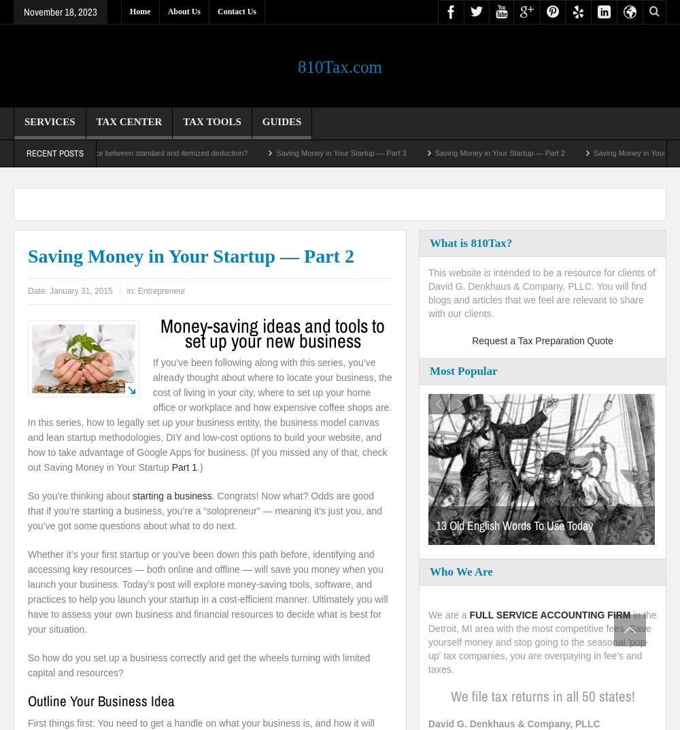 This screenshot has height=730, width=680. What do you see at coordinates (542, 642) in the screenshot?
I see `'in the Detroit, MI area with the most competitive fees. Save yourself money and stop going to the seasonal 'pop-up' tax companies, you are overpaying in fee's and taxes.'` at bounding box center [542, 642].